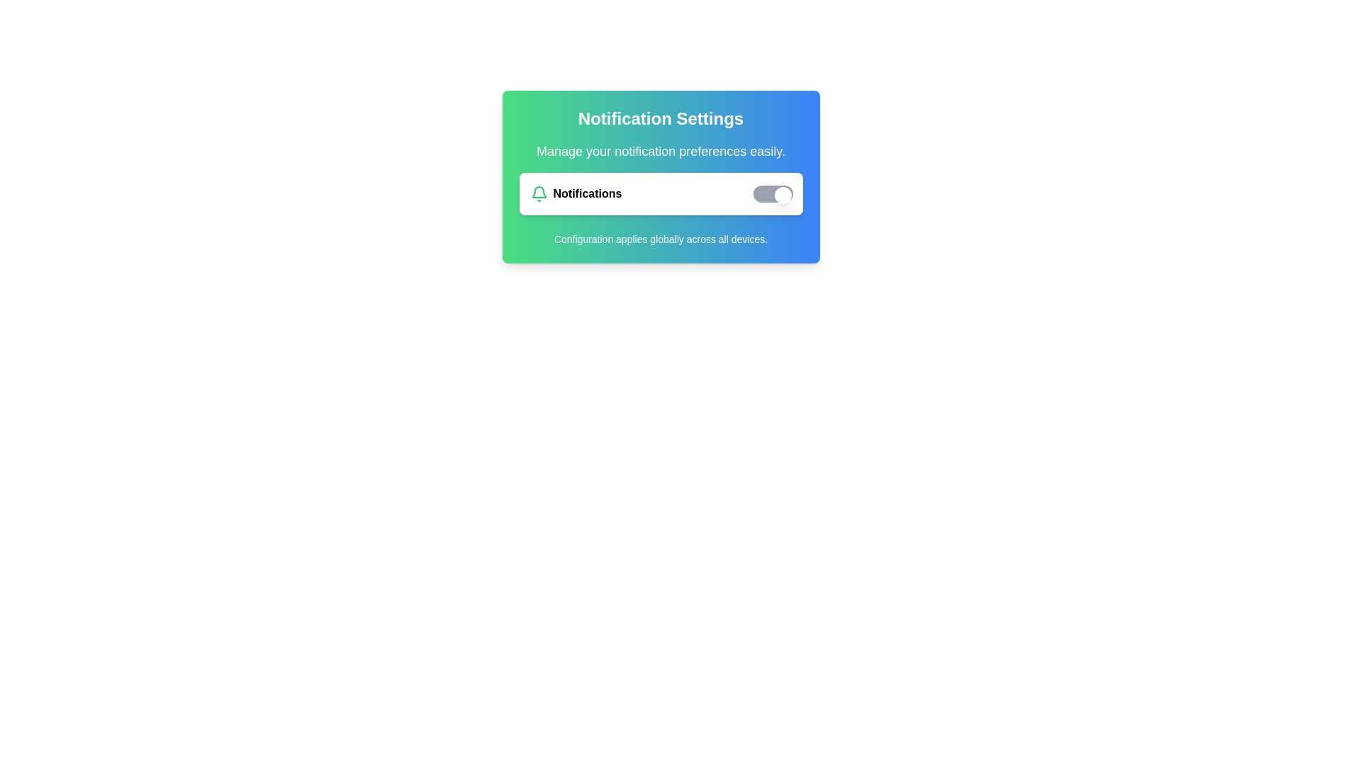  What do you see at coordinates (587, 193) in the screenshot?
I see `the bold, black-colored text reading 'Notifications', which is positioned between a bell icon and a toggle switch in the notification settings group` at bounding box center [587, 193].